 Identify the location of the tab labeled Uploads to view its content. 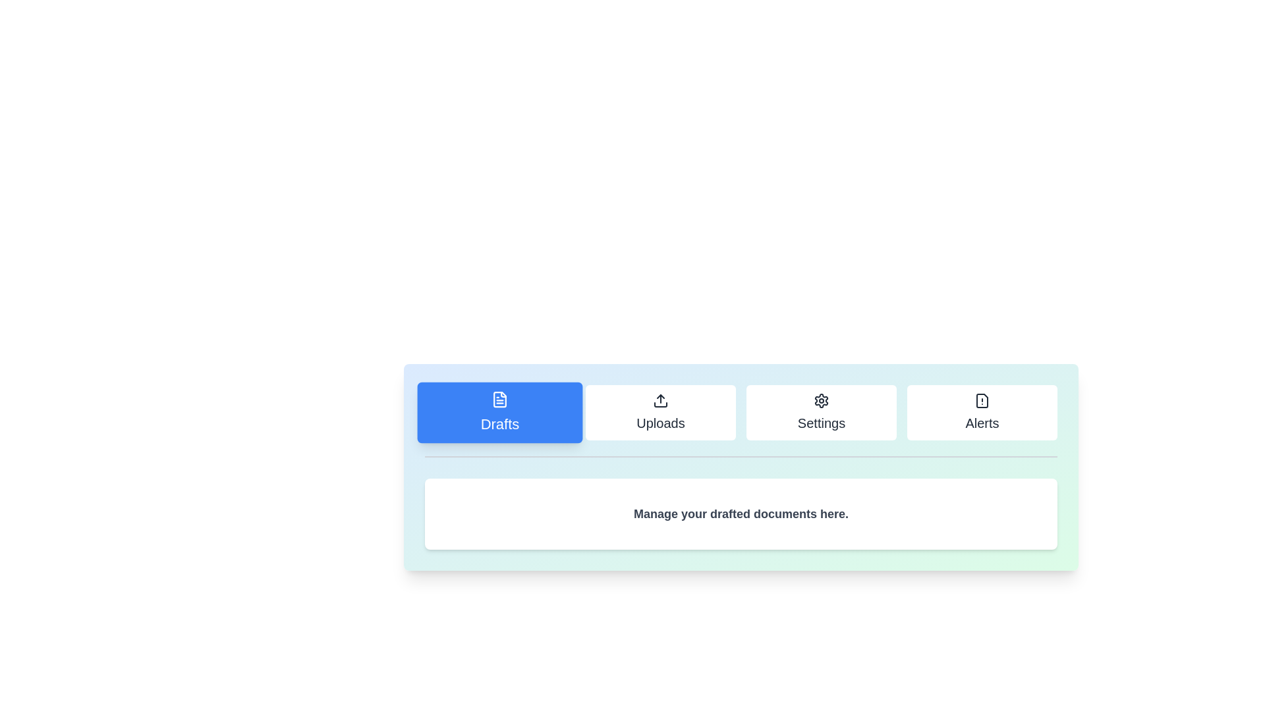
(661, 412).